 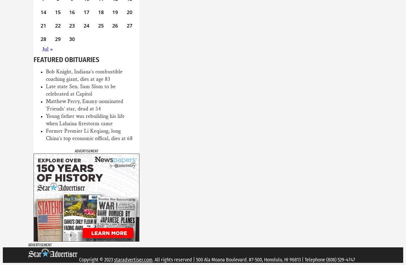 What do you see at coordinates (97, 25) in the screenshot?
I see `'25'` at bounding box center [97, 25].